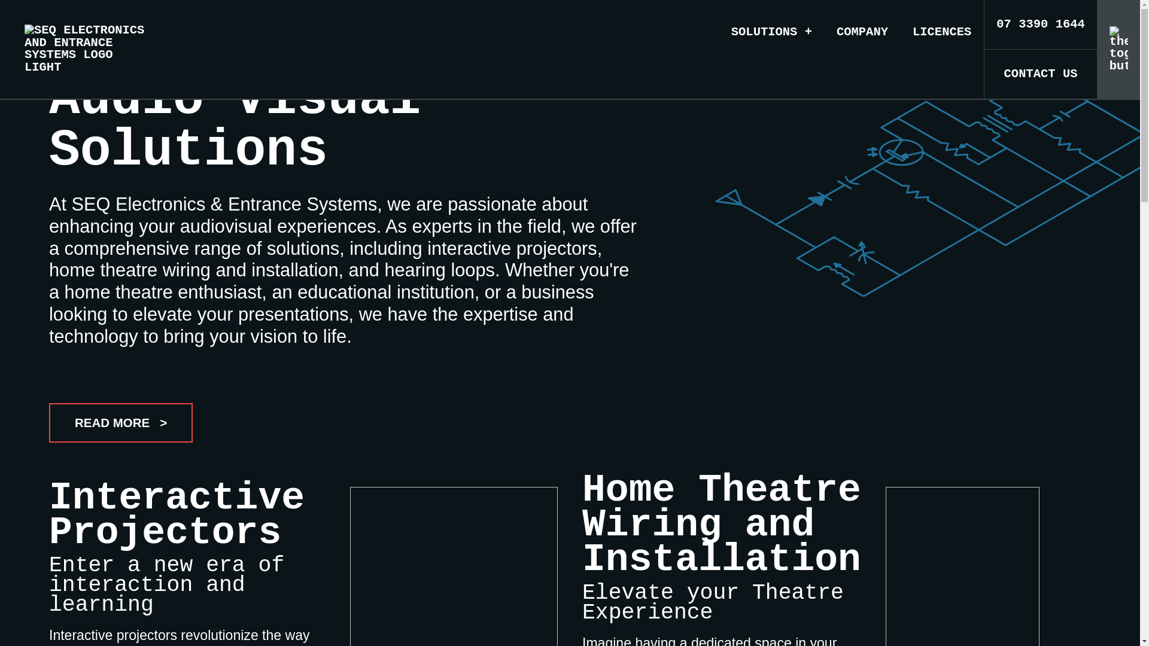  What do you see at coordinates (1039, 74) in the screenshot?
I see `'CONTACT US'` at bounding box center [1039, 74].